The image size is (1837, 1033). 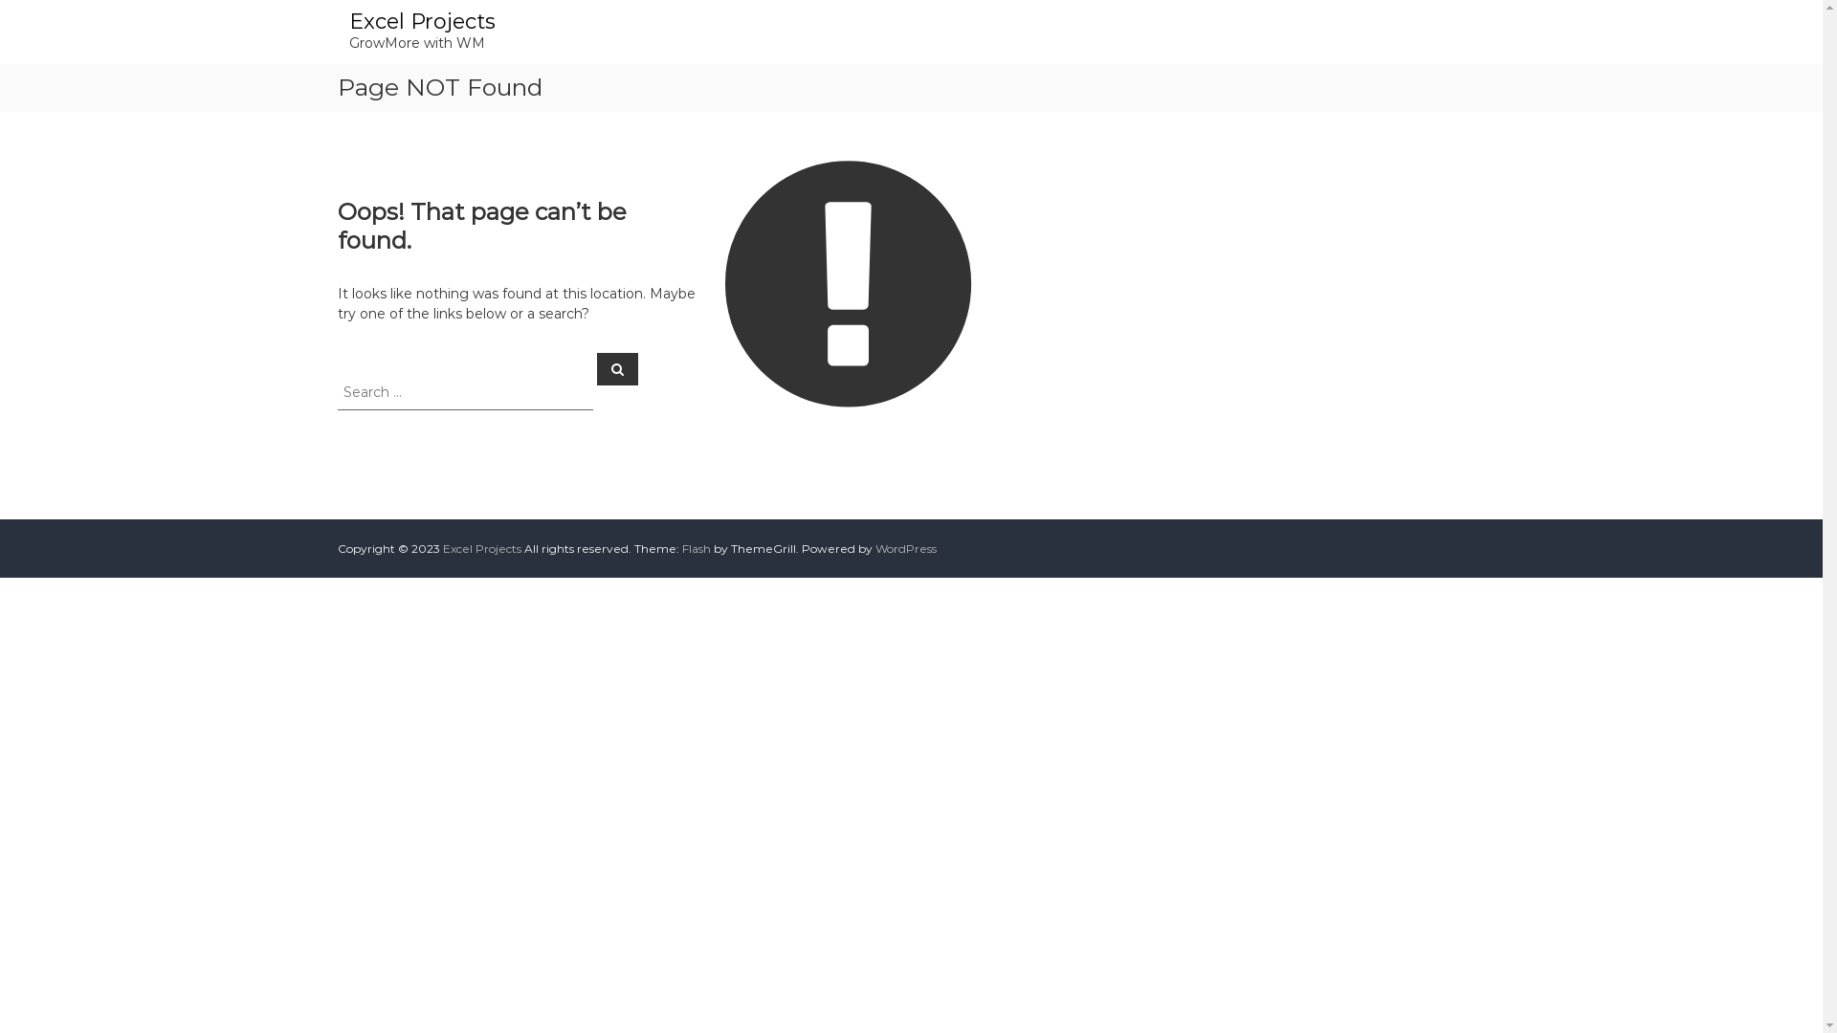 I want to click on 'Excel Projects', so click(x=481, y=548).